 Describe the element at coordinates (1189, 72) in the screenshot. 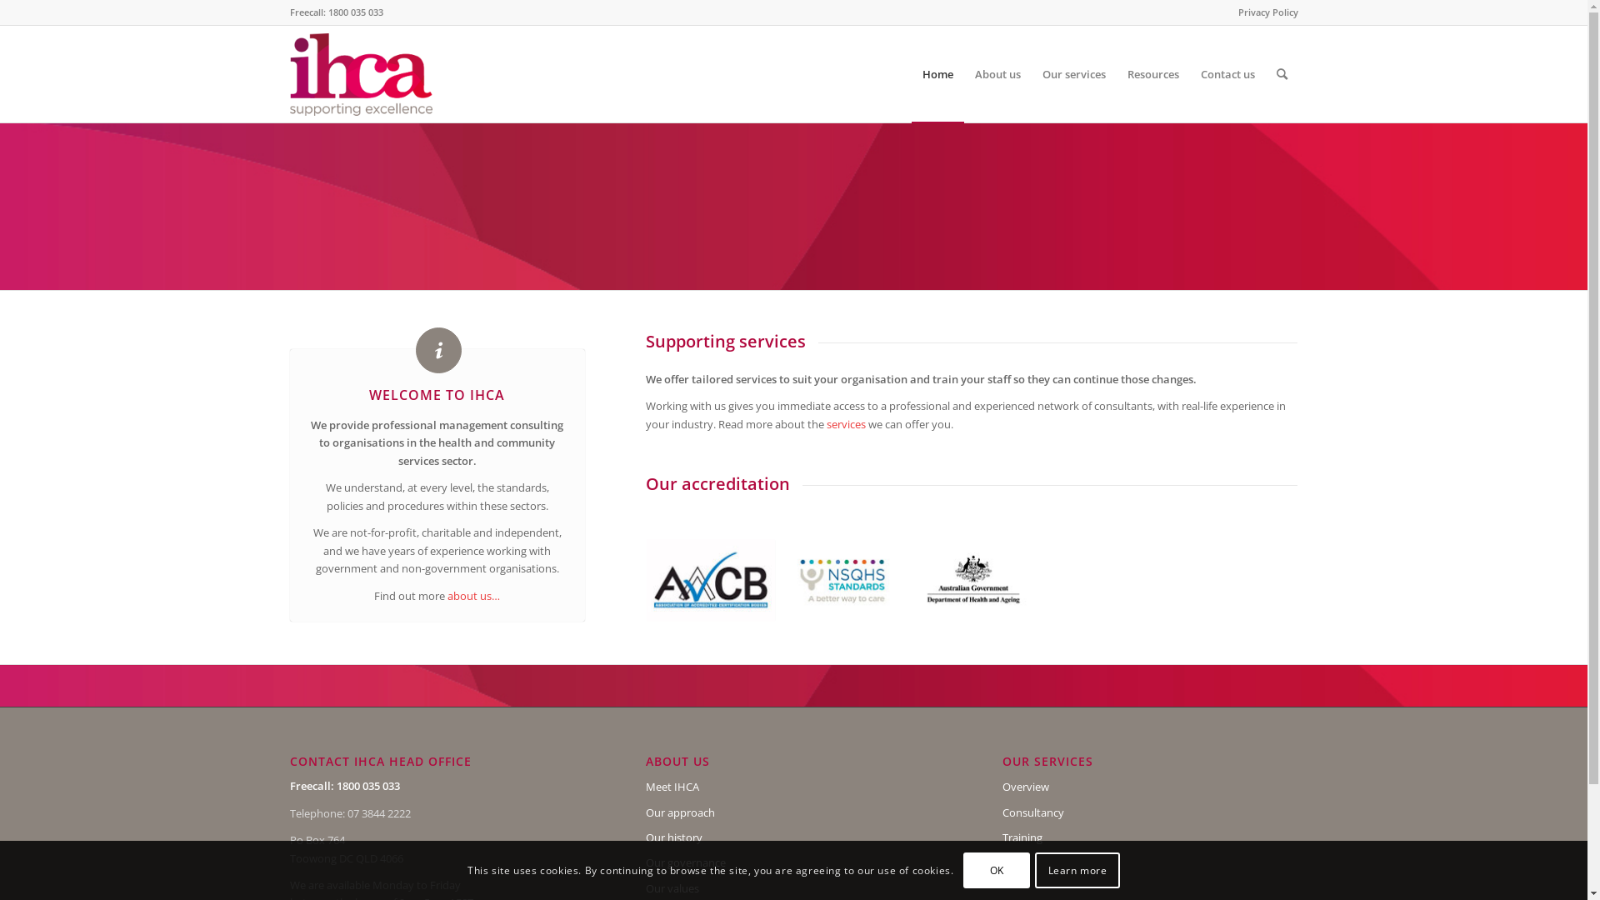

I see `'Contact us'` at that location.